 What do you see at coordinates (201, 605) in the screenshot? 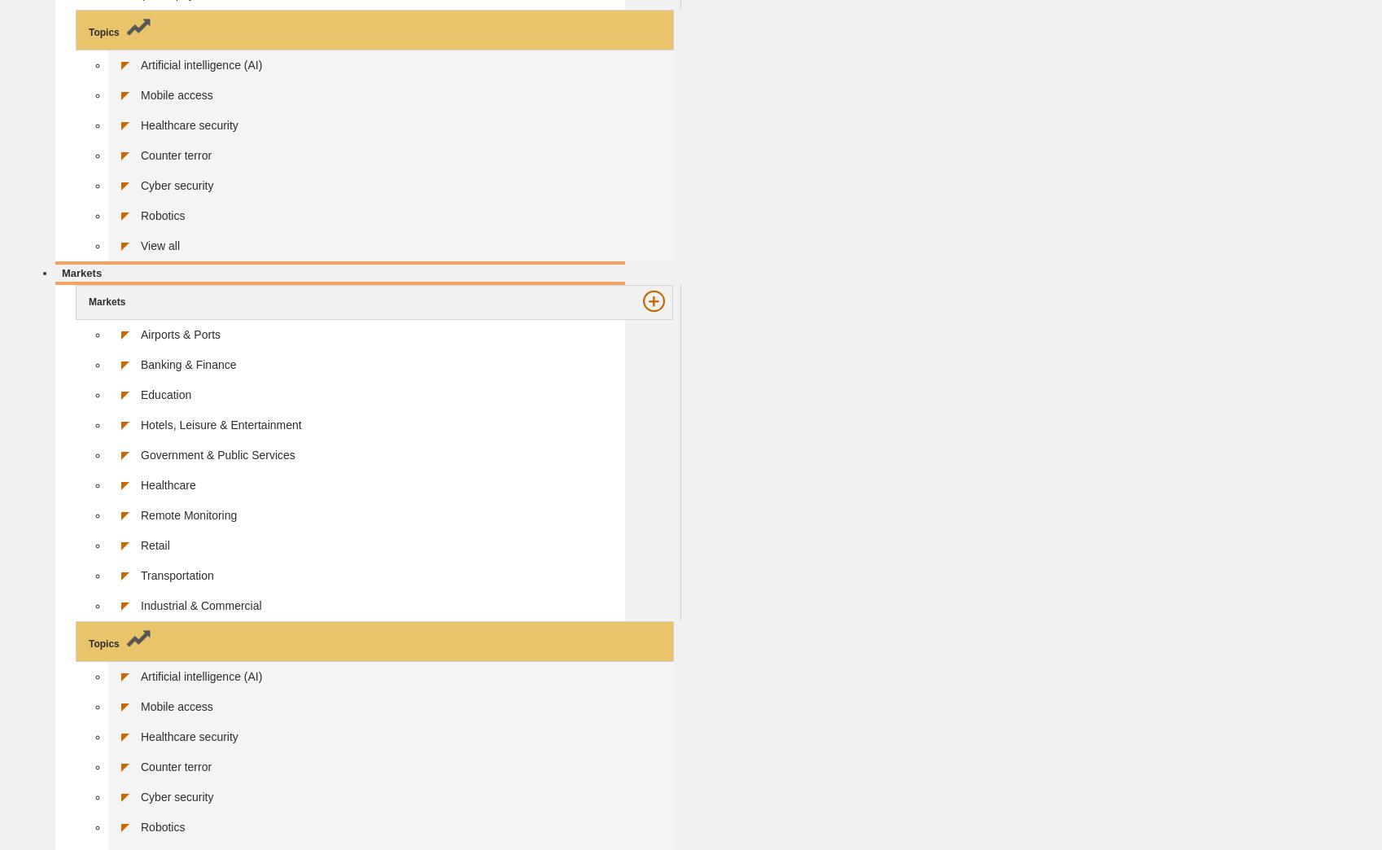
I see `'Industrial & Commercial'` at bounding box center [201, 605].